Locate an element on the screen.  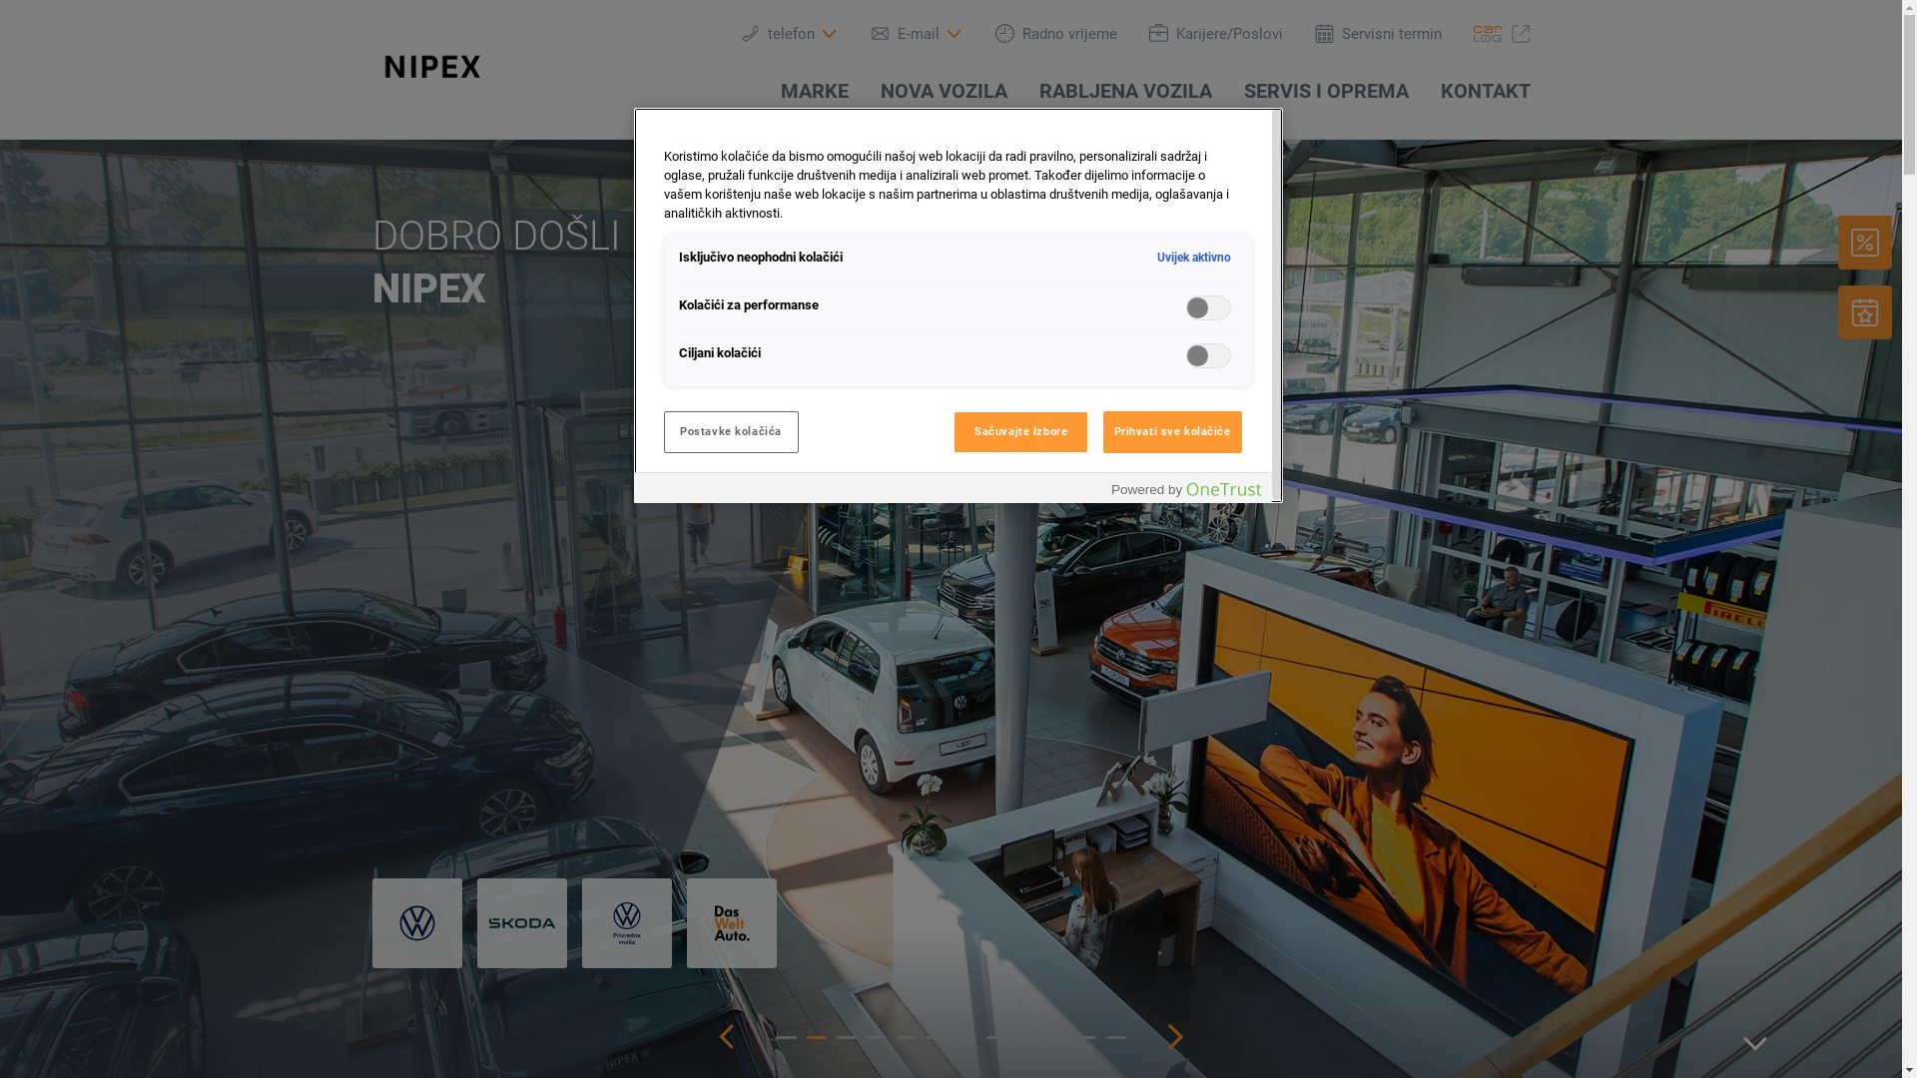
'telefon' is located at coordinates (789, 33).